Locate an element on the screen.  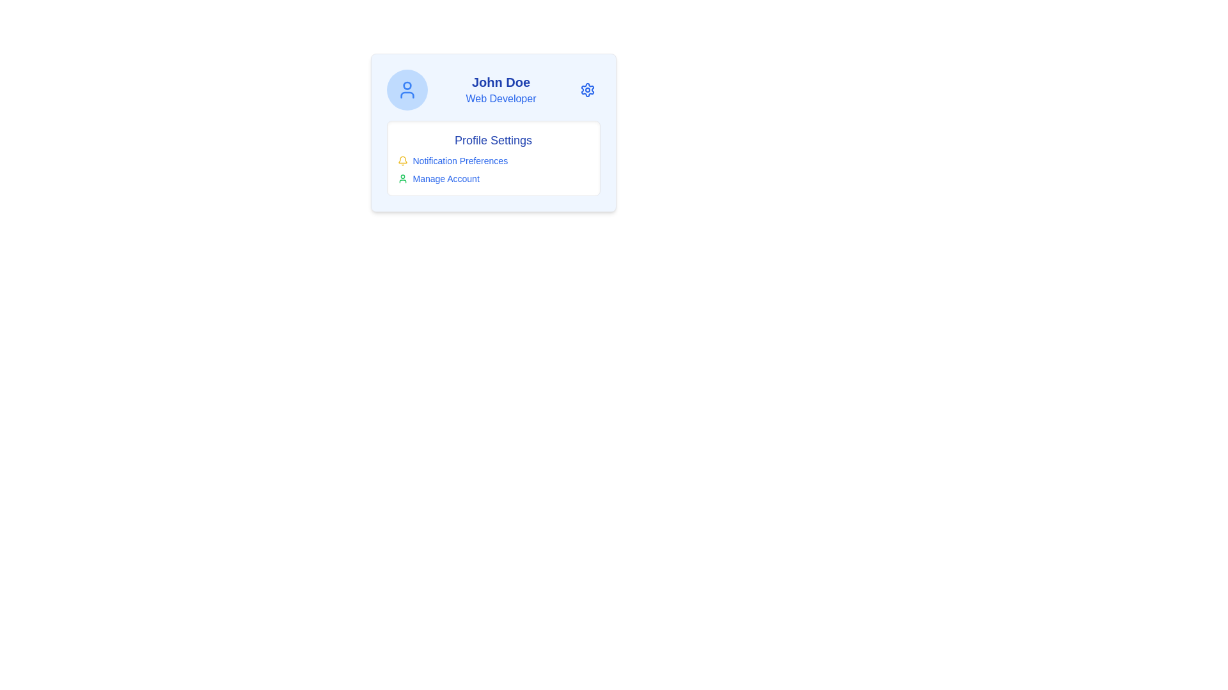
the 'Notification Preferences' link, which is a clickable text link styled in smaller blue font with a yellow bell icon on its left, located in the middle section of the 'Profile Settings' box is located at coordinates (492, 169).